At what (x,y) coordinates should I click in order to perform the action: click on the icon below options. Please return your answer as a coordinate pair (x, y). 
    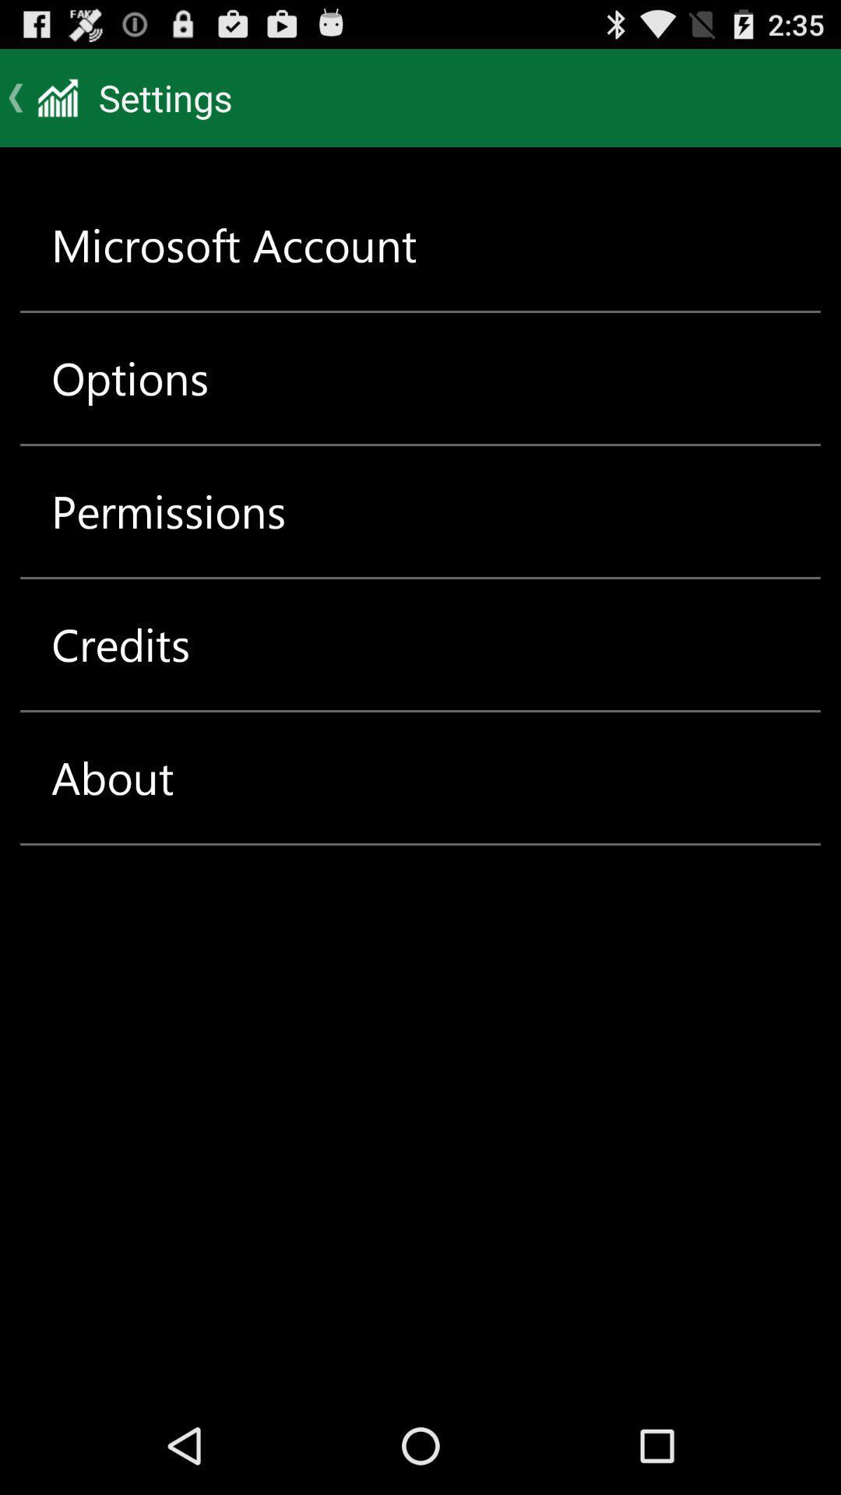
    Looking at the image, I should click on (168, 512).